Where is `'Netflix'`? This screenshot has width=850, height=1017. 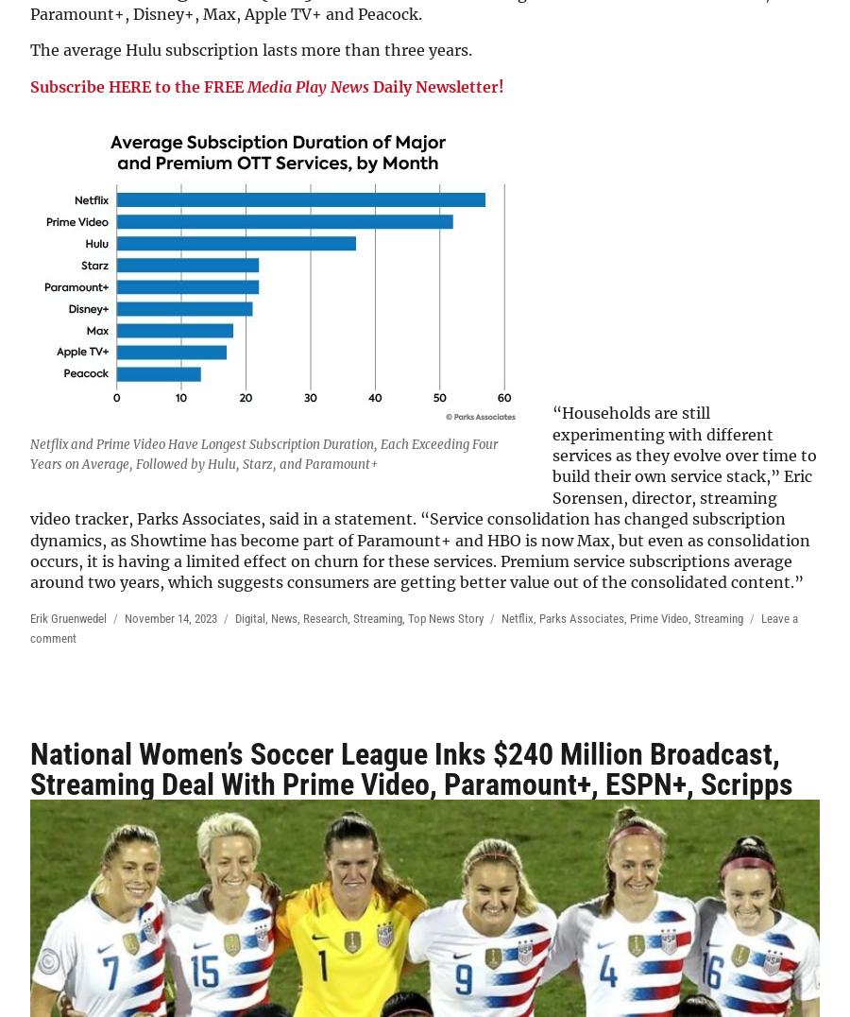
'Netflix' is located at coordinates (517, 616).